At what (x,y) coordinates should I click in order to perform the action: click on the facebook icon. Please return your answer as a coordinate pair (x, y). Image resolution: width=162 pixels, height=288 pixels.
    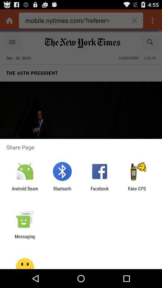
    Looking at the image, I should click on (100, 191).